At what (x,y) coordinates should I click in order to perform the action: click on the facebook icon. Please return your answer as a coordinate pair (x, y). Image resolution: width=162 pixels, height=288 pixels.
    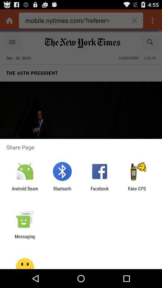
    Looking at the image, I should click on (100, 191).